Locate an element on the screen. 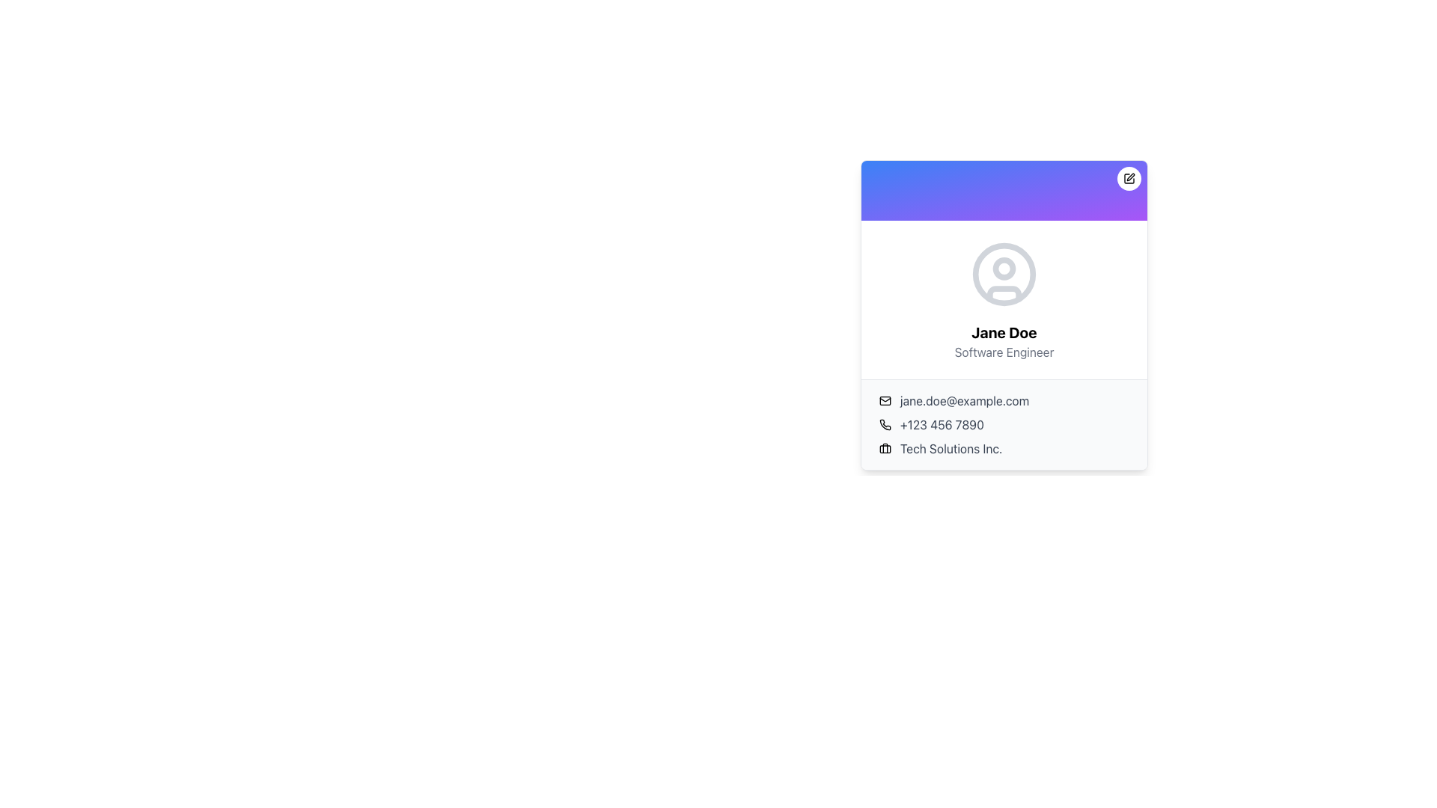  the text 'Jane Doe' which is styled in bold and located at the top-center of the personal card, directly above 'Software Engineer' is located at coordinates (1004, 331).